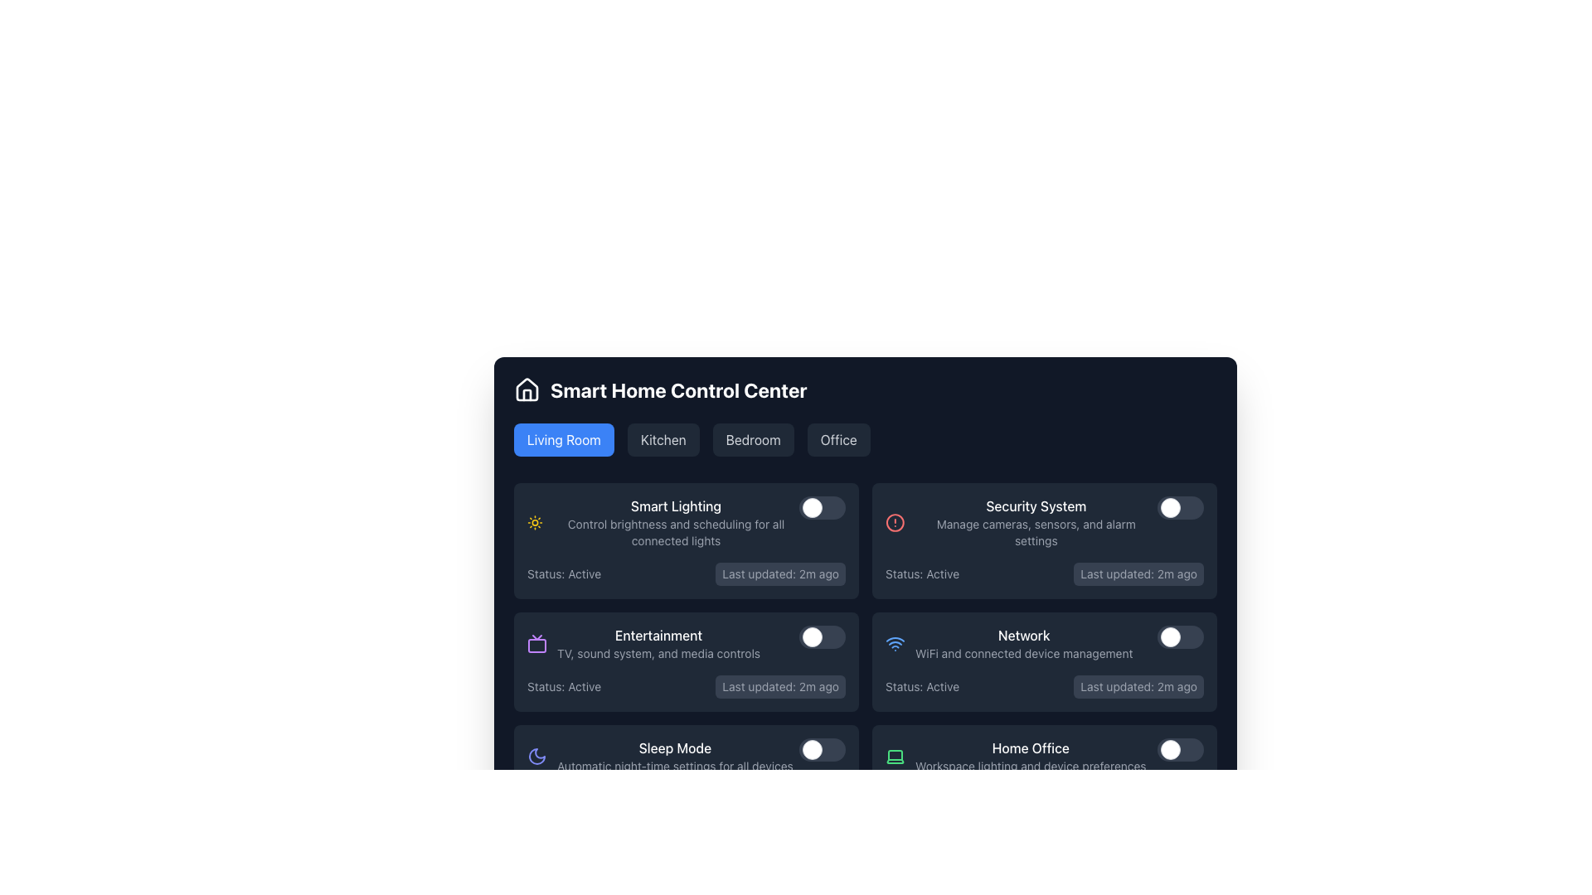 This screenshot has height=895, width=1592. What do you see at coordinates (823, 750) in the screenshot?
I see `the toggle switch located on the right side of the 'Sleep Mode' panel in the 'Smart Home Control Center' to switch on or off` at bounding box center [823, 750].